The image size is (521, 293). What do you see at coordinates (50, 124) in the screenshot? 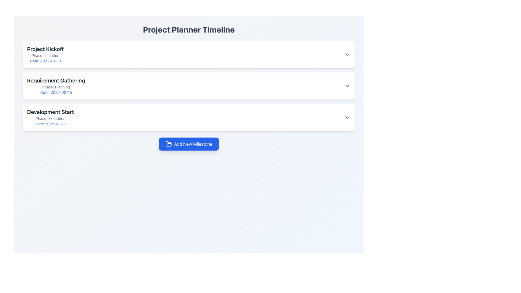
I see `the informational Text Label that displays the date relevant to the 'Development Start' entry in the project planner interface, located below the 'Phase: Execution' text` at bounding box center [50, 124].